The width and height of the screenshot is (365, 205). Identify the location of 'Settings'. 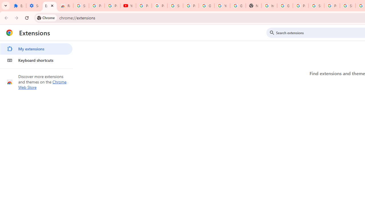
(34, 6).